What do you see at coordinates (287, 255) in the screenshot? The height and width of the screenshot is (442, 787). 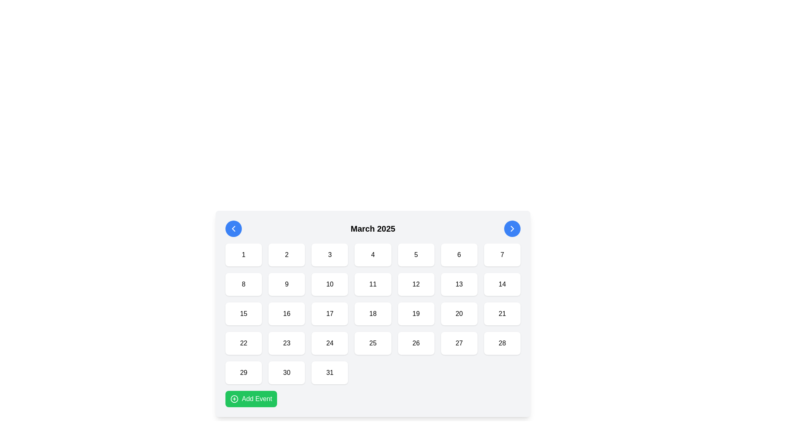 I see `the button representing the second day in the calendar view` at bounding box center [287, 255].